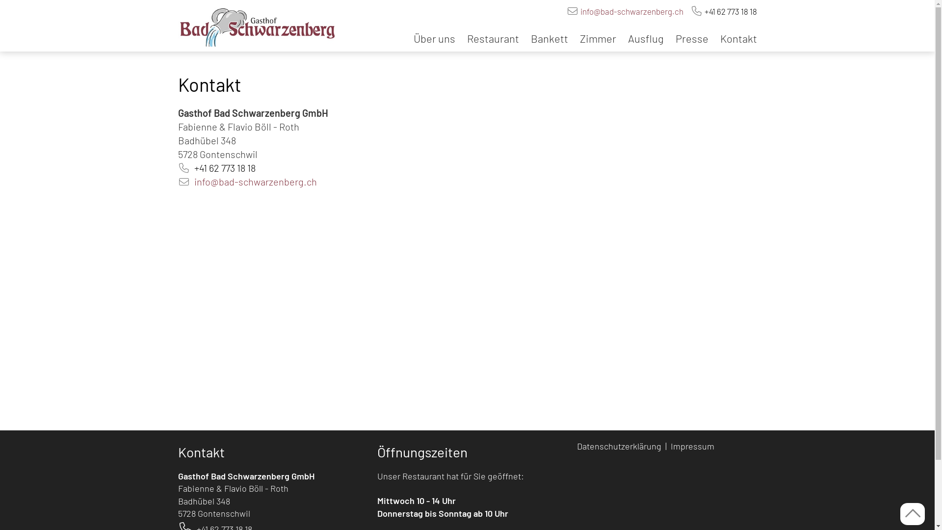  Describe the element at coordinates (631, 11) in the screenshot. I see `'info@bad-schwarzenberg.ch'` at that location.